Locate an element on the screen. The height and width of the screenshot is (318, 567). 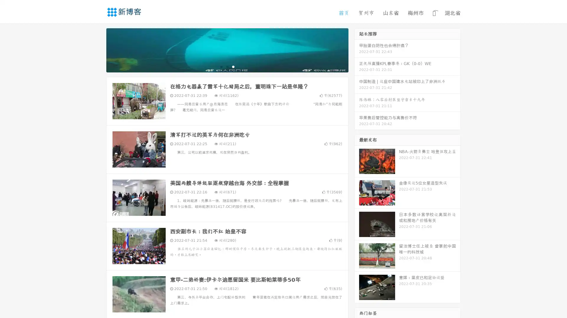
Next slide is located at coordinates (357, 49).